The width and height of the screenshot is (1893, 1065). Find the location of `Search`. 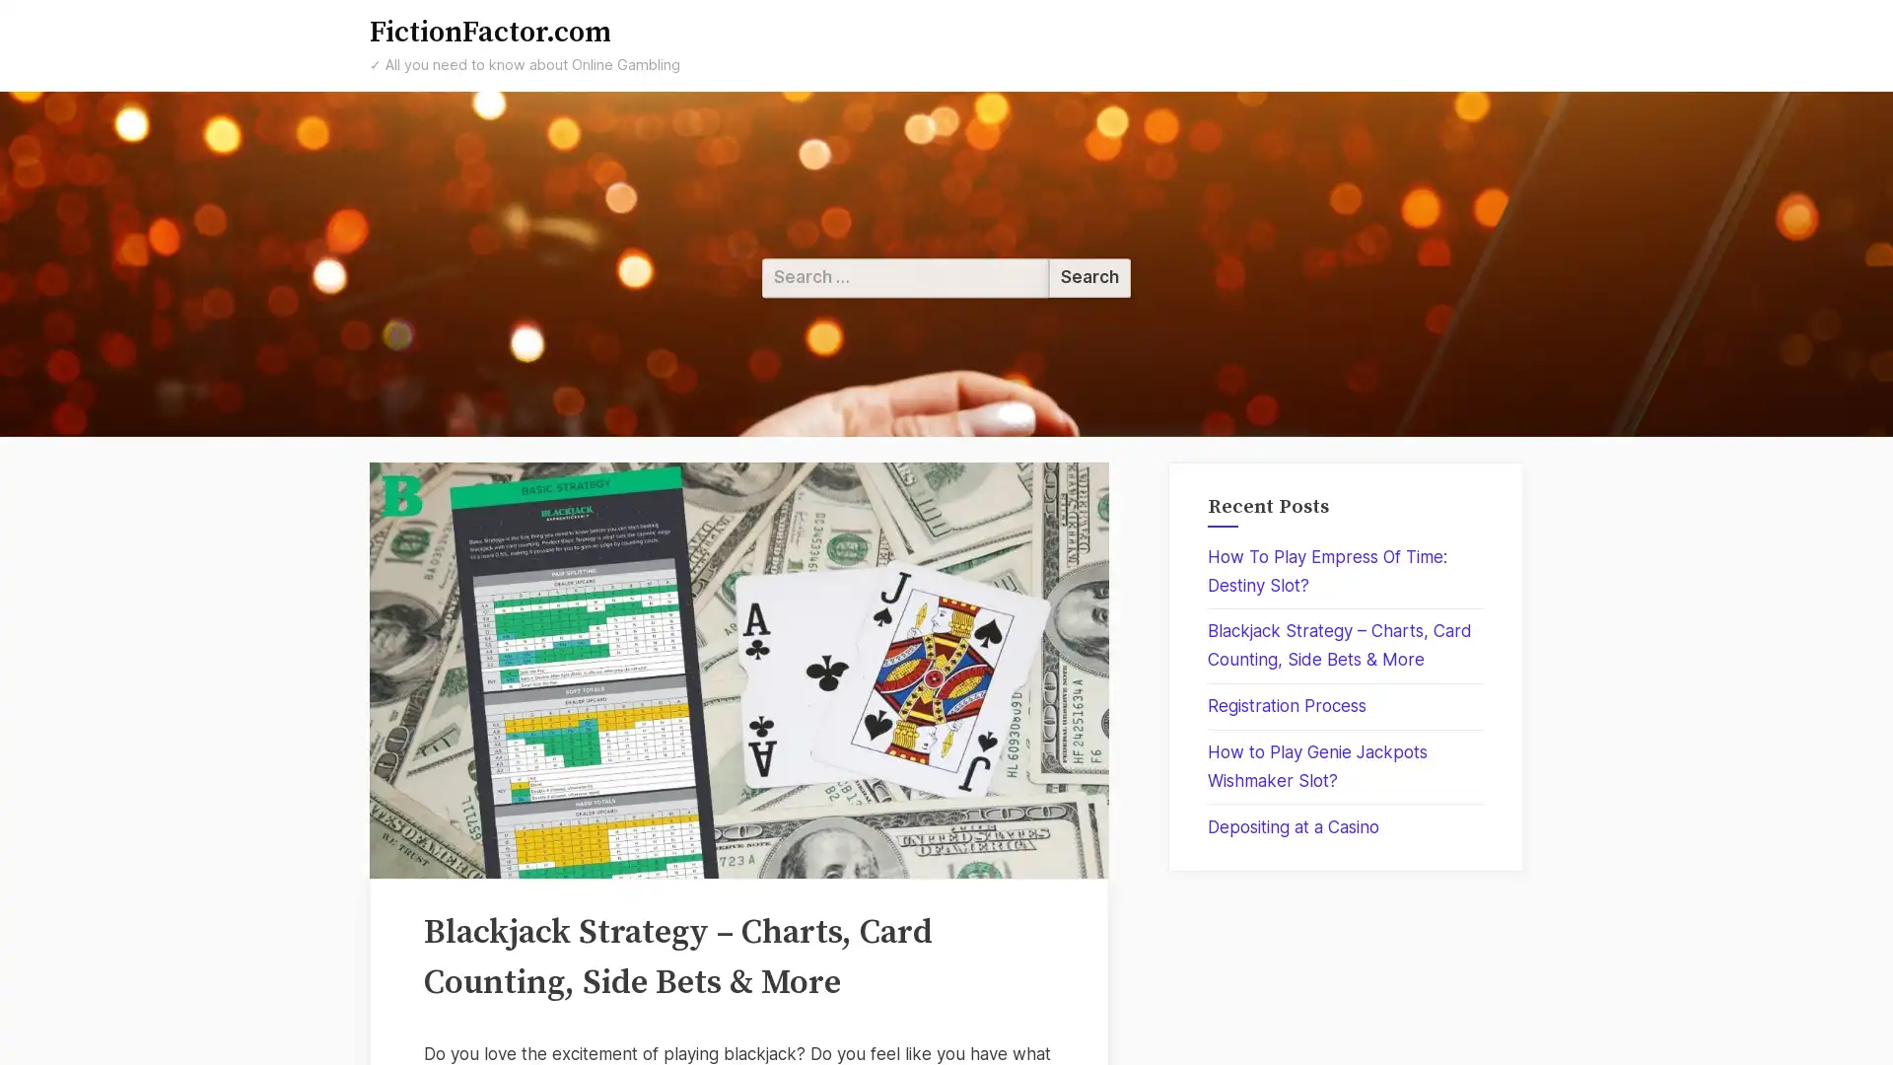

Search is located at coordinates (1088, 277).